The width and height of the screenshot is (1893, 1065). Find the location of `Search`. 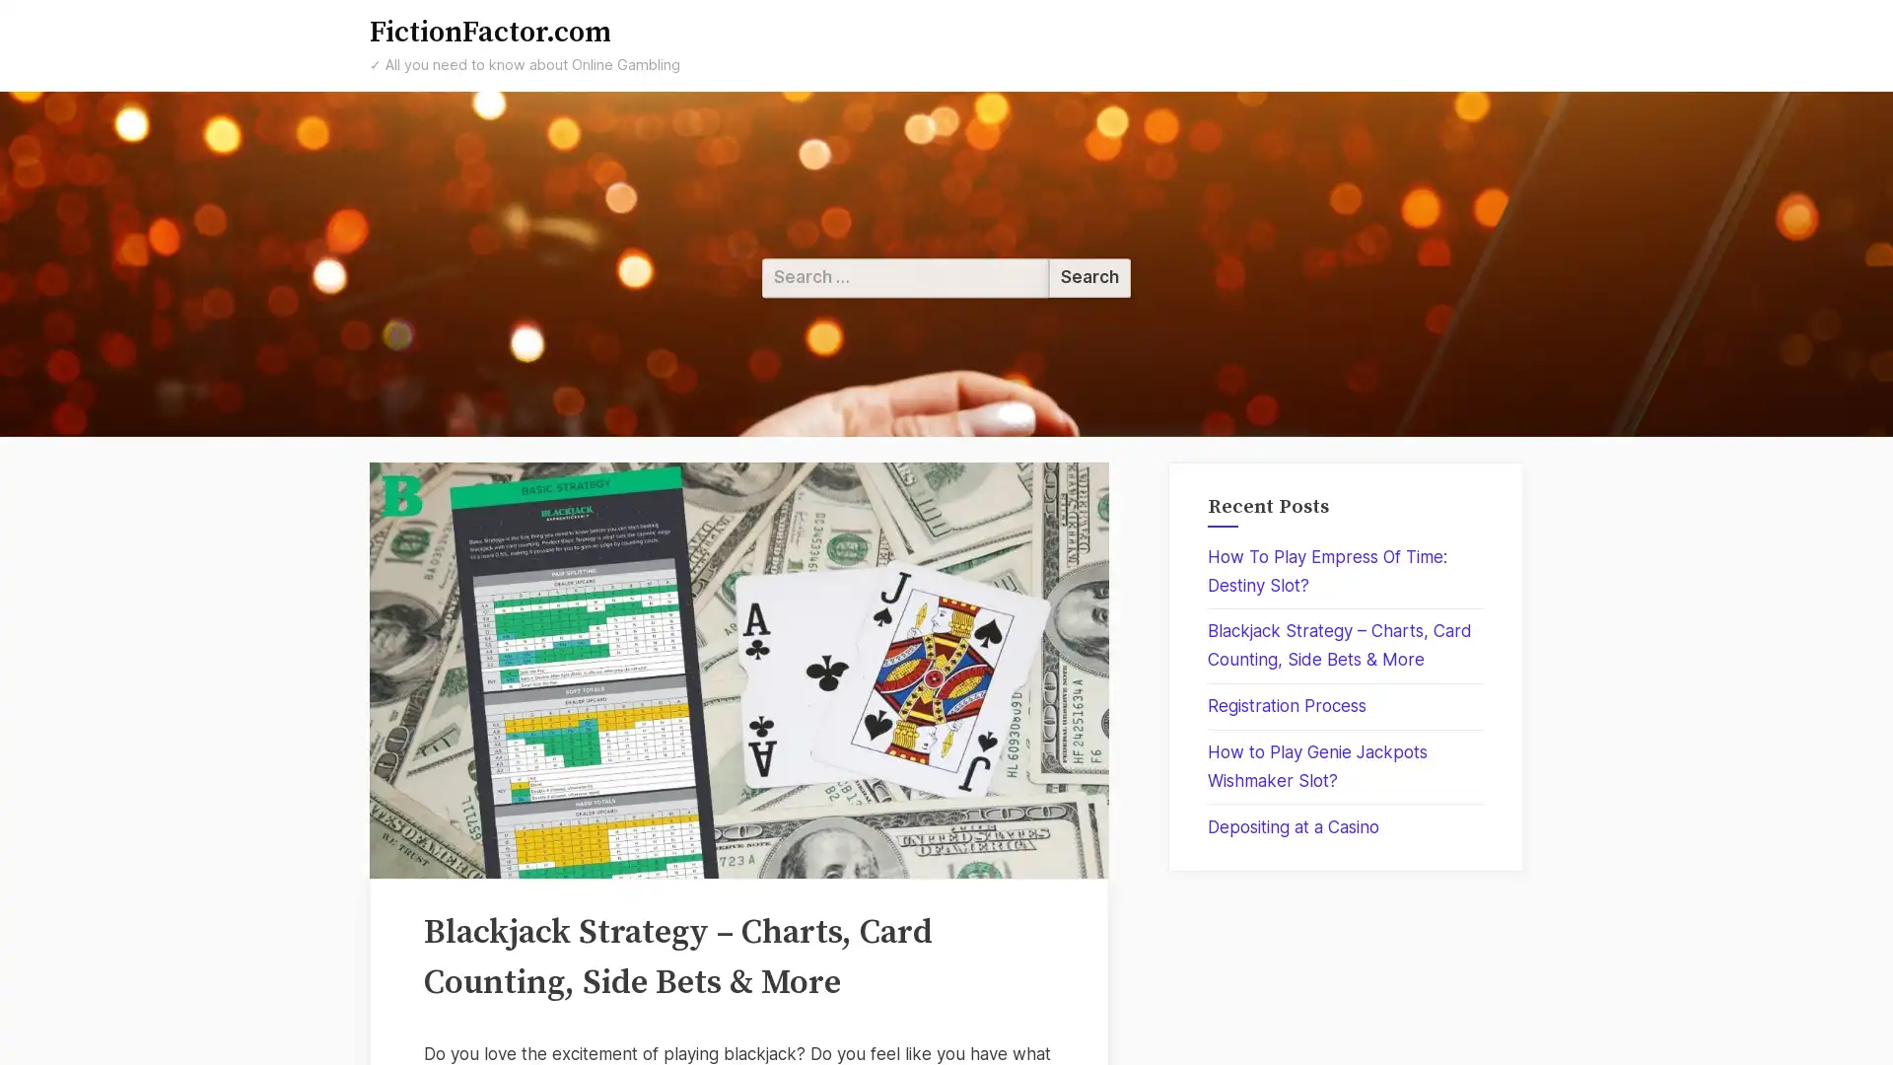

Search is located at coordinates (1088, 277).